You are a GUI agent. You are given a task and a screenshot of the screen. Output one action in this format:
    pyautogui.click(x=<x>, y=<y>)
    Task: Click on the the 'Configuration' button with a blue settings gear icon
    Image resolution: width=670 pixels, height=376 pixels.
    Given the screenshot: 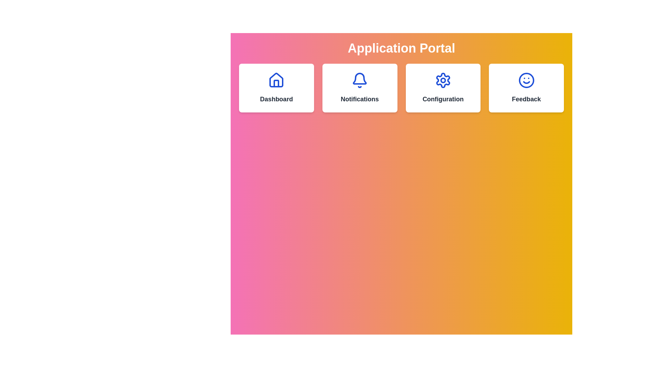 What is the action you would take?
    pyautogui.click(x=442, y=88)
    